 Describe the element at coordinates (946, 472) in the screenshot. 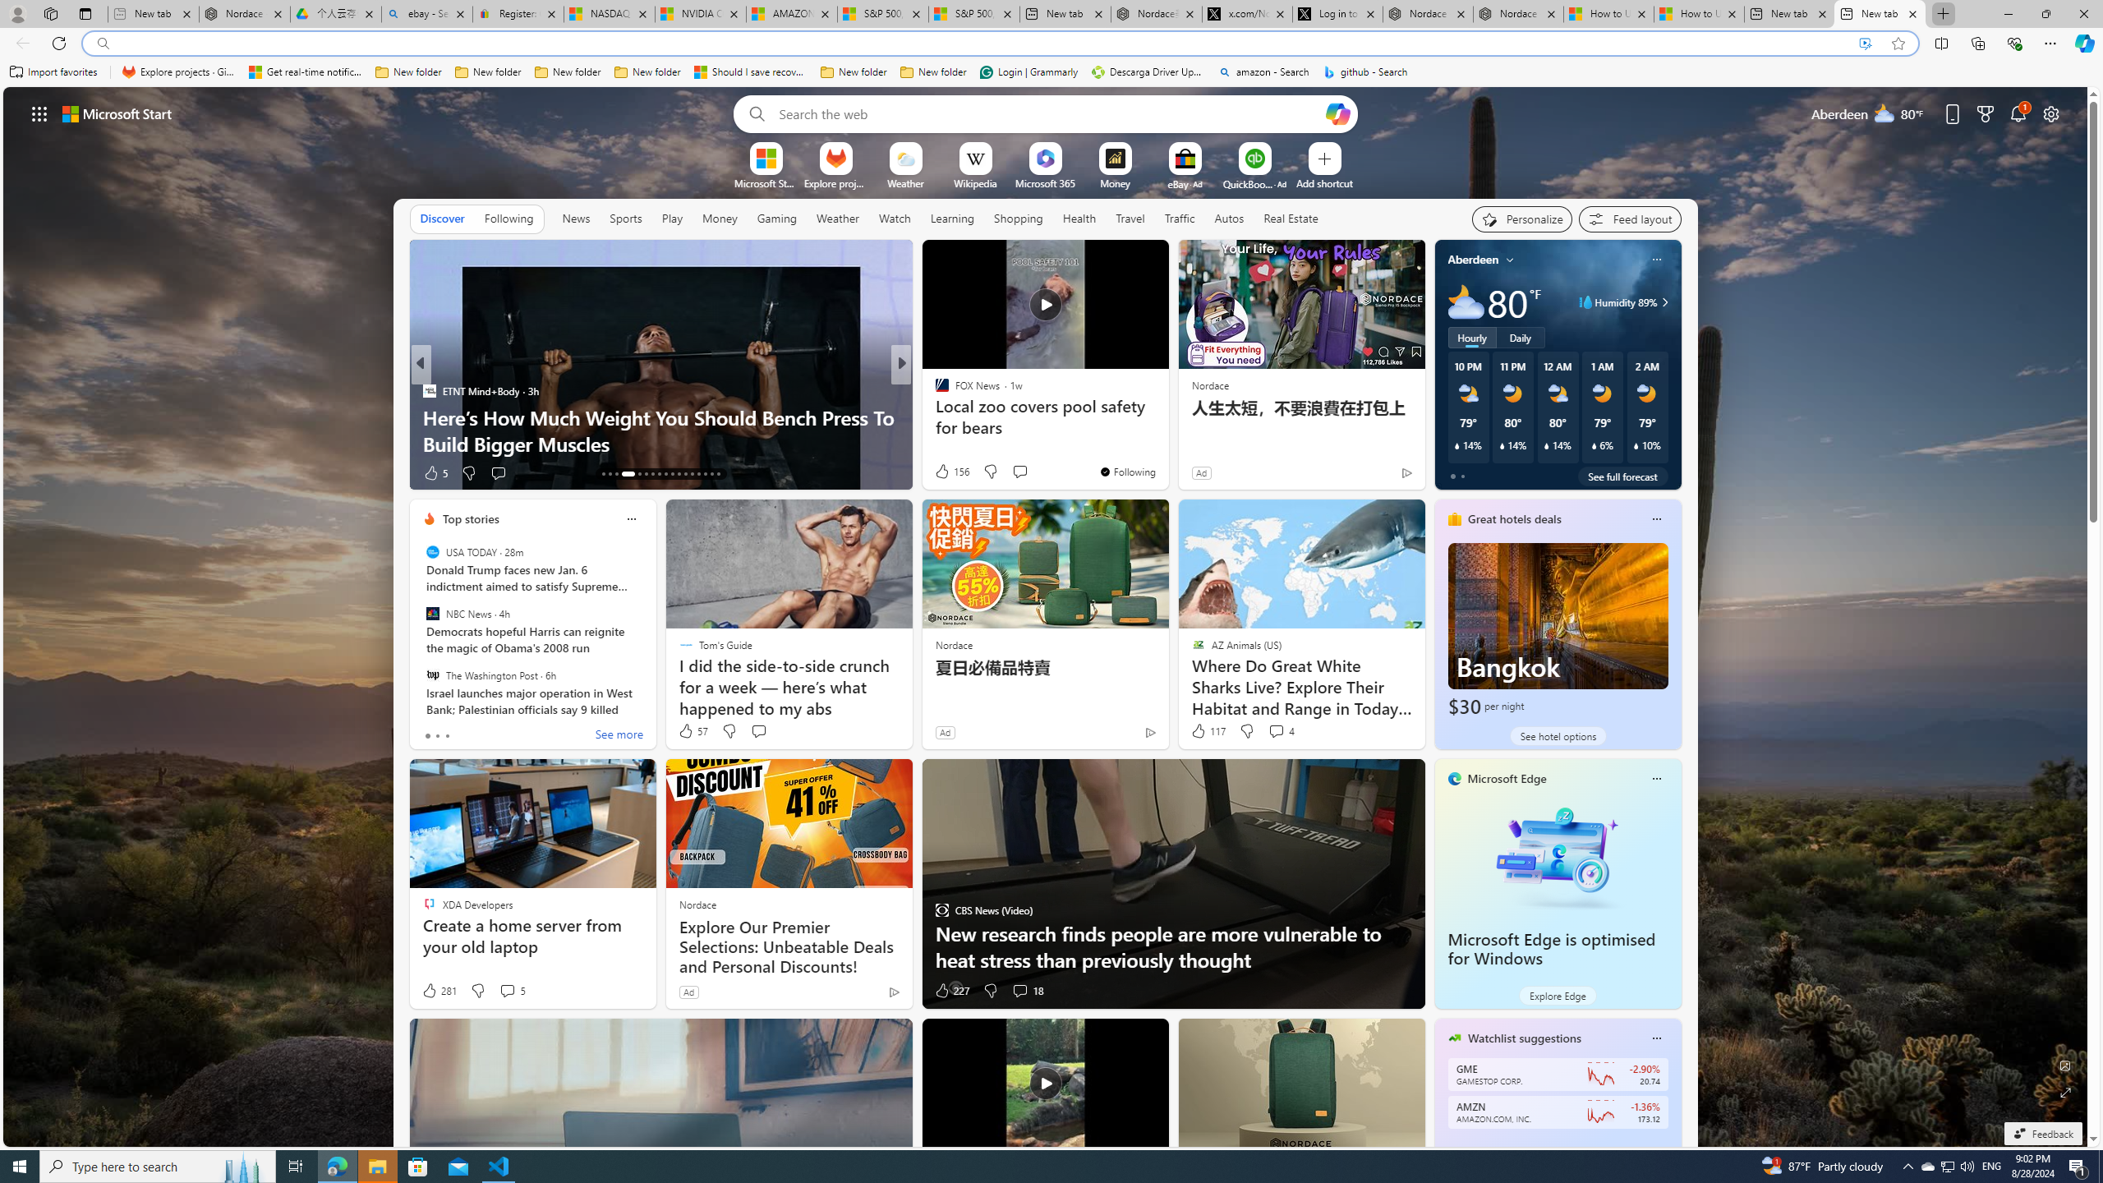

I see `'347 Like'` at that location.